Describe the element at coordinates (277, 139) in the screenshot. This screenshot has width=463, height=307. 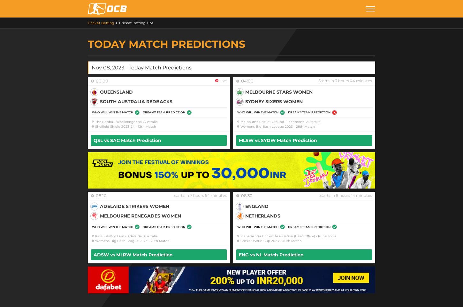
I see `'MLSW vs SYDW Match Prediction'` at that location.